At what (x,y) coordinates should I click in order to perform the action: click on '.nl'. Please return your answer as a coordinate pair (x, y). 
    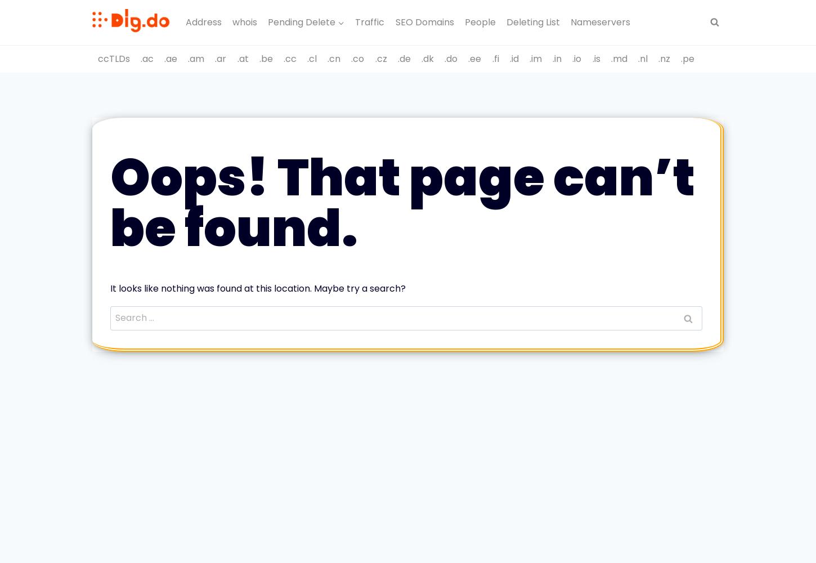
    Looking at the image, I should click on (642, 57).